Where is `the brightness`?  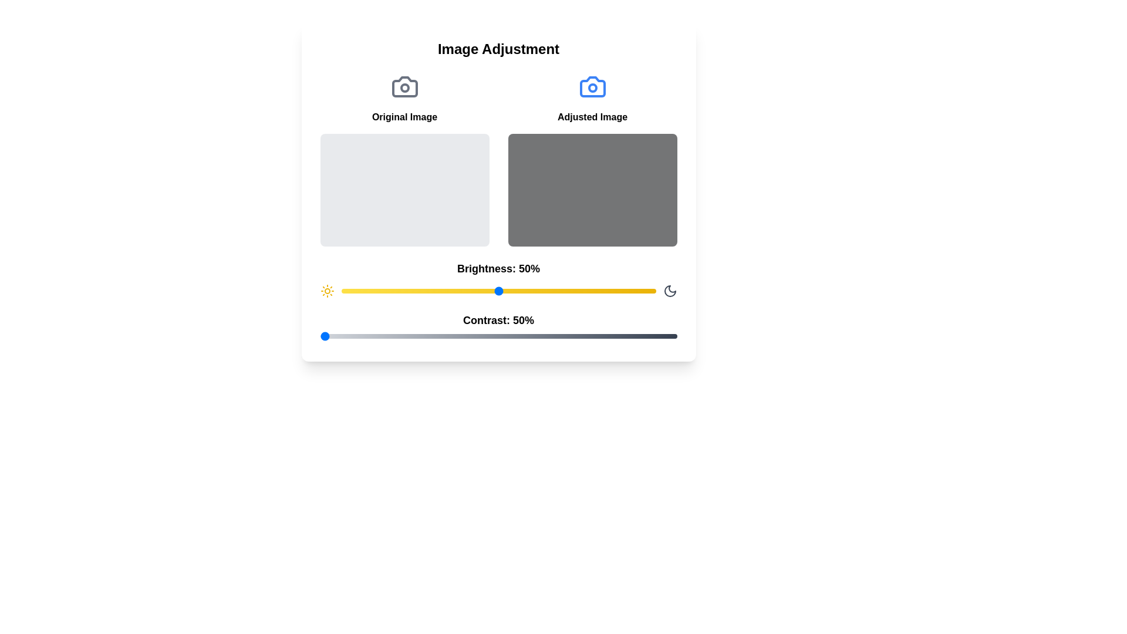
the brightness is located at coordinates (539, 291).